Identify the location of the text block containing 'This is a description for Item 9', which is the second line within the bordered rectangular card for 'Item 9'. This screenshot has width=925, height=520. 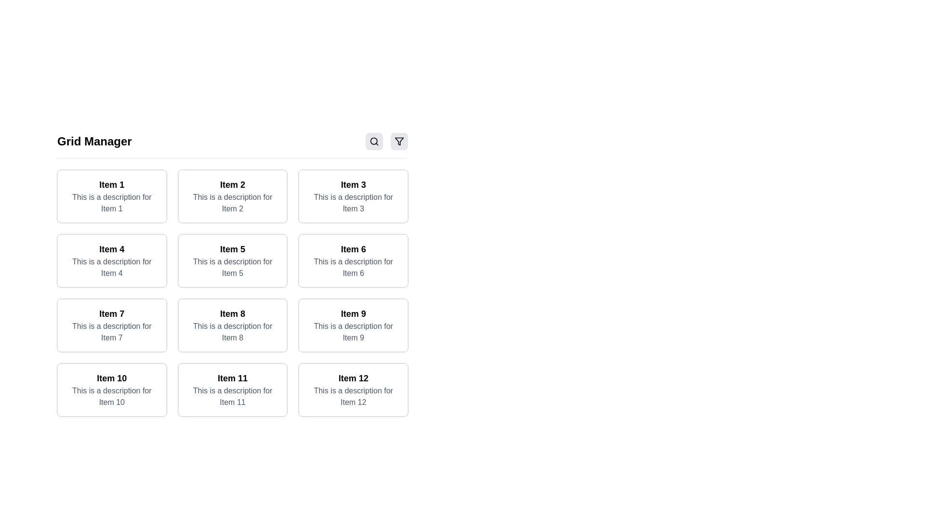
(353, 332).